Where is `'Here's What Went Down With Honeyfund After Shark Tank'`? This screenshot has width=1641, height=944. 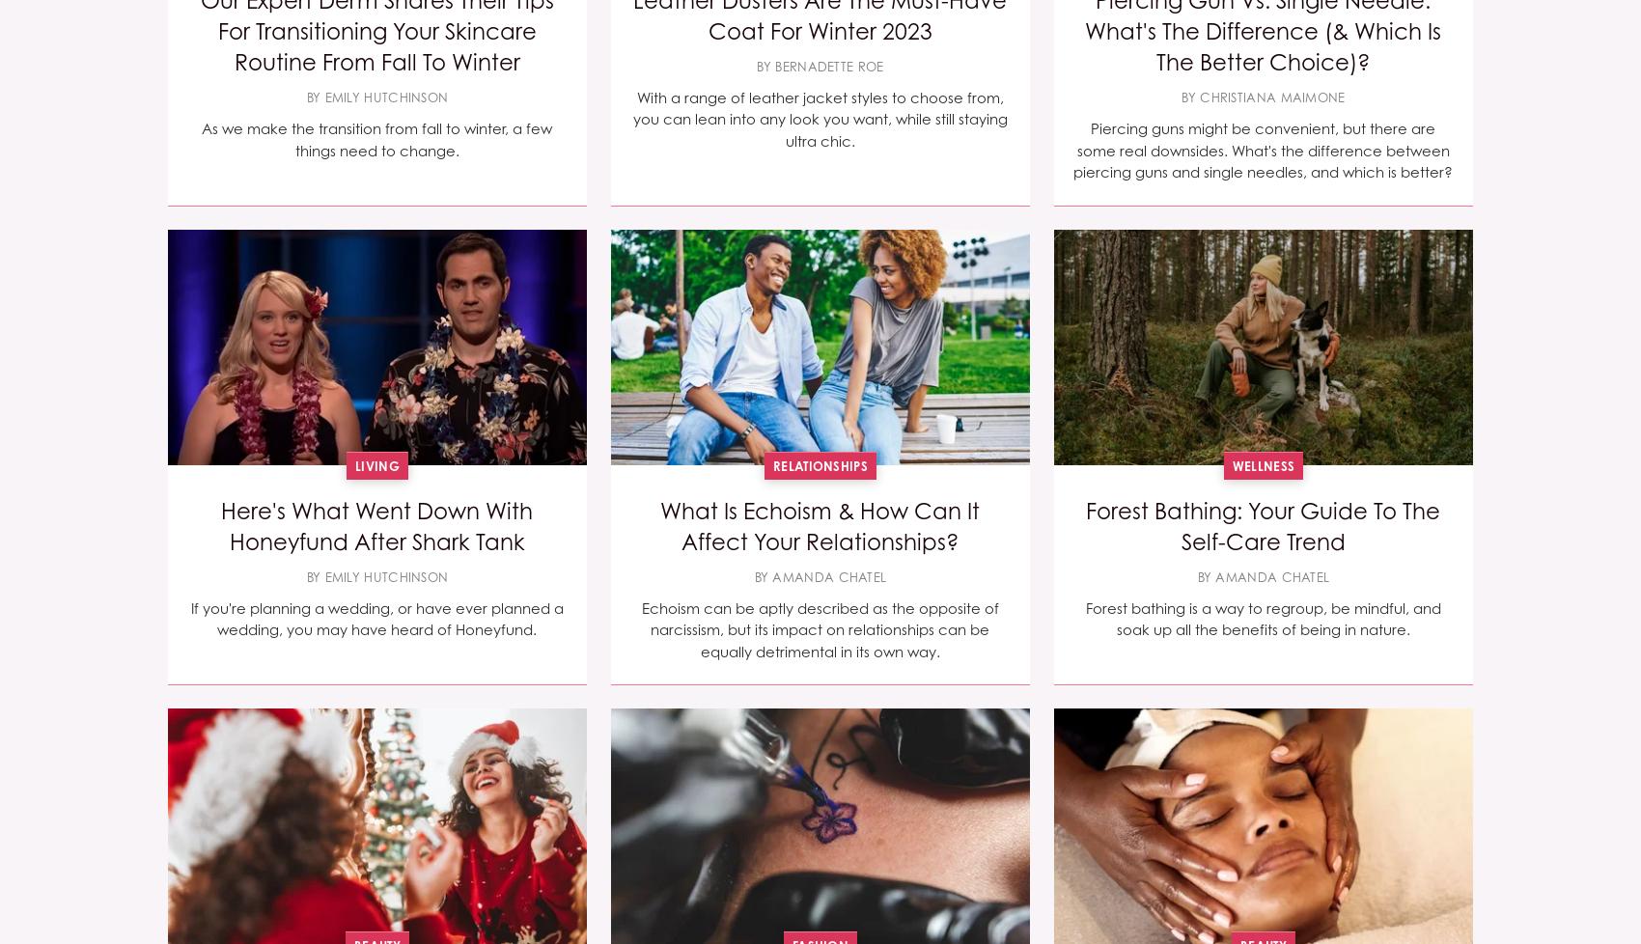 'Here's What Went Down With Honeyfund After Shark Tank' is located at coordinates (375, 526).